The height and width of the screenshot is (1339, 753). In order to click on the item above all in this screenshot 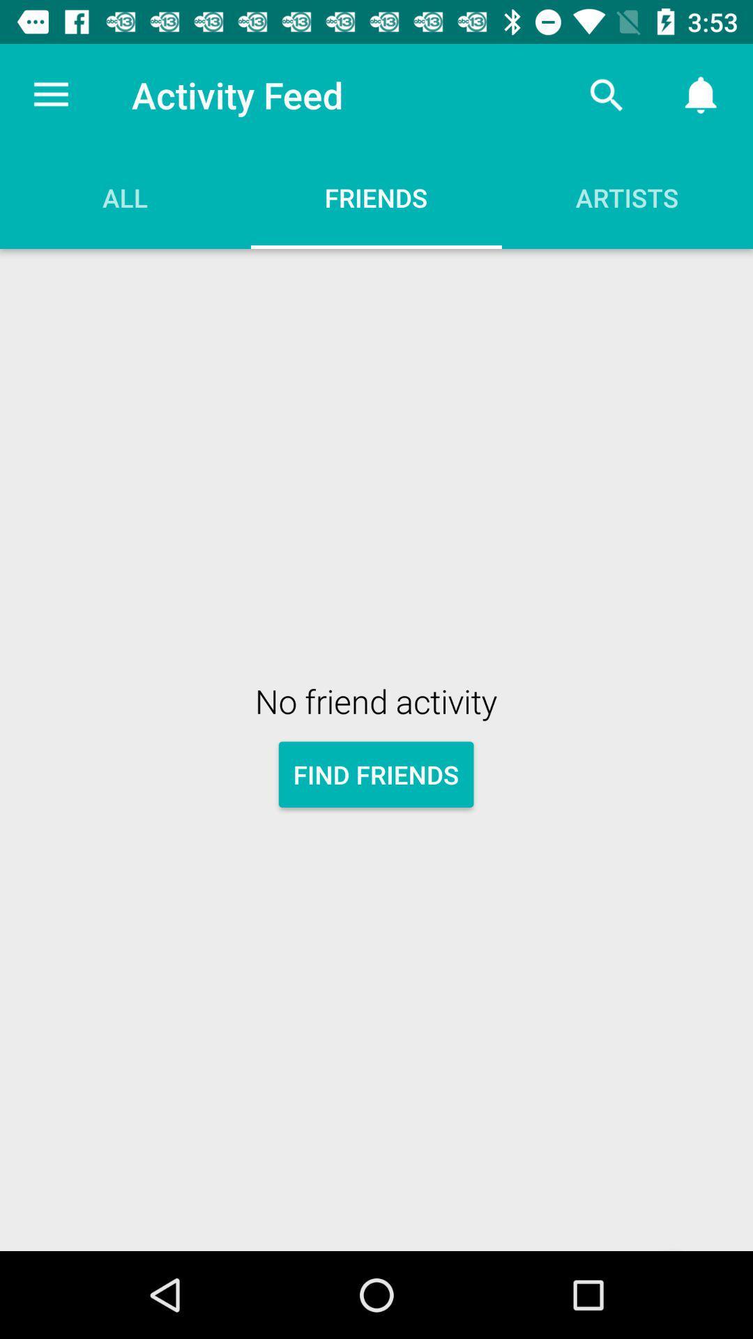, I will do `click(50, 94)`.